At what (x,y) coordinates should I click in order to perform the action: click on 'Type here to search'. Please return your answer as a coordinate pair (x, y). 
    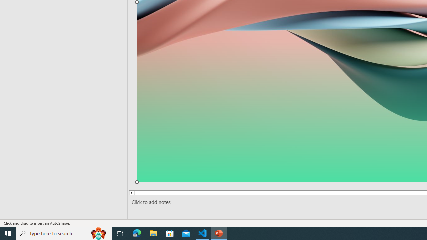
    Looking at the image, I should click on (64, 233).